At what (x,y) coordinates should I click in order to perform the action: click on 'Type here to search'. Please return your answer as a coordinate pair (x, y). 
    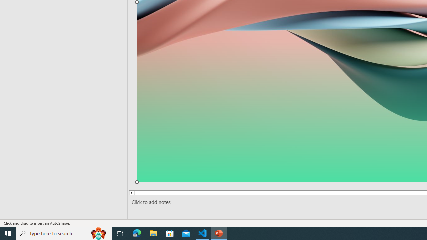
    Looking at the image, I should click on (64, 233).